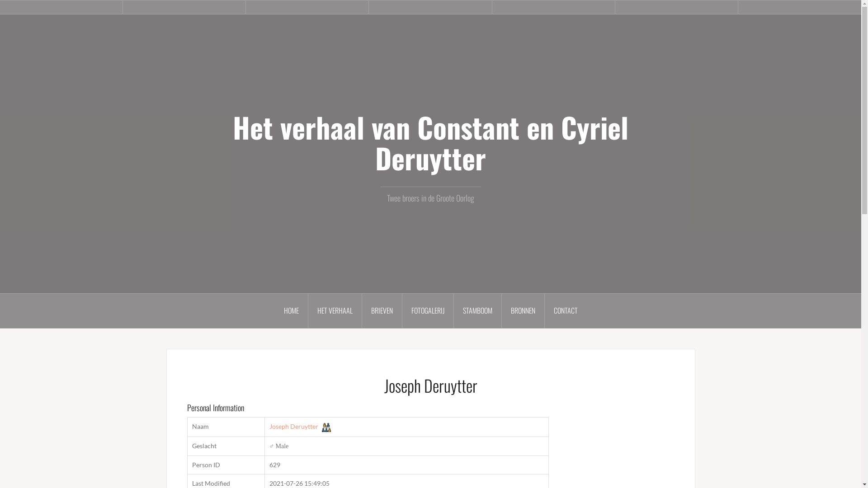  I want to click on 'CONTACT', so click(565, 310).